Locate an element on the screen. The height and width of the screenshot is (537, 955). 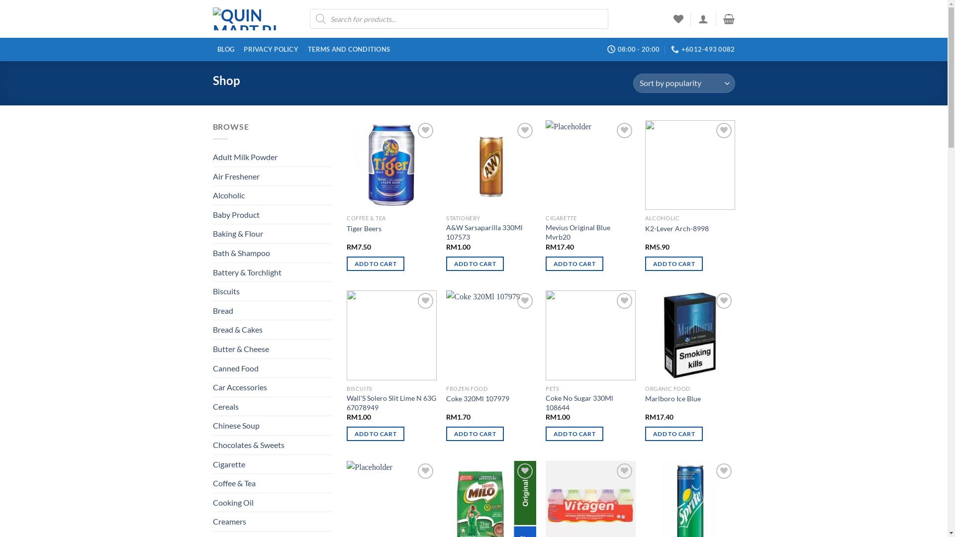
'+6012-493 0082' is located at coordinates (702, 49).